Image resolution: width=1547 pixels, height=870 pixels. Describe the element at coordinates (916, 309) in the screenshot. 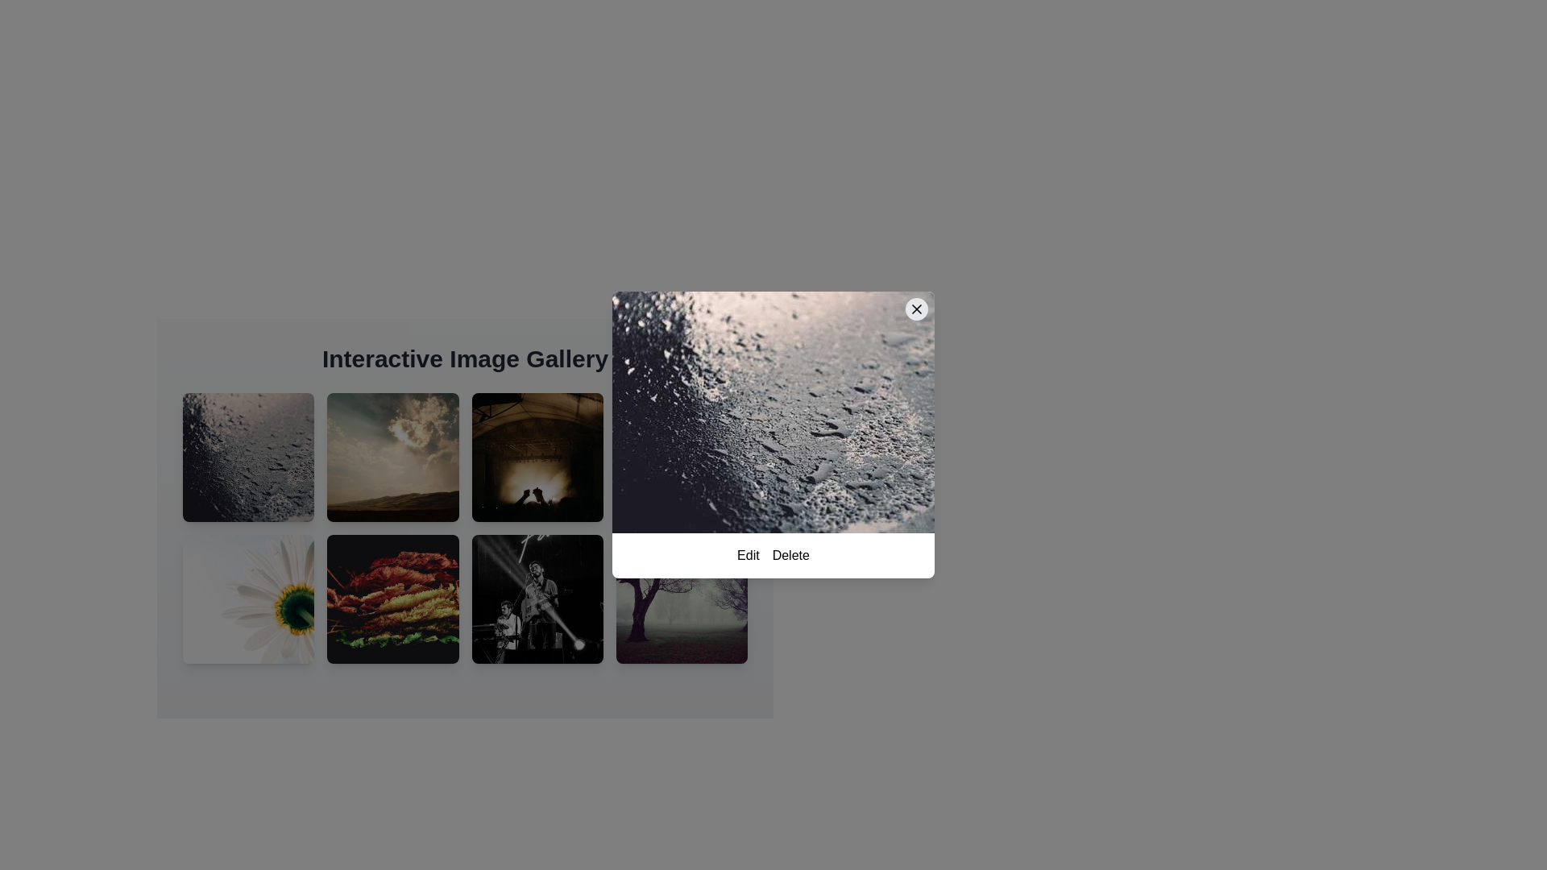

I see `the 'X' icon in the top-right corner of the floating modal` at that location.